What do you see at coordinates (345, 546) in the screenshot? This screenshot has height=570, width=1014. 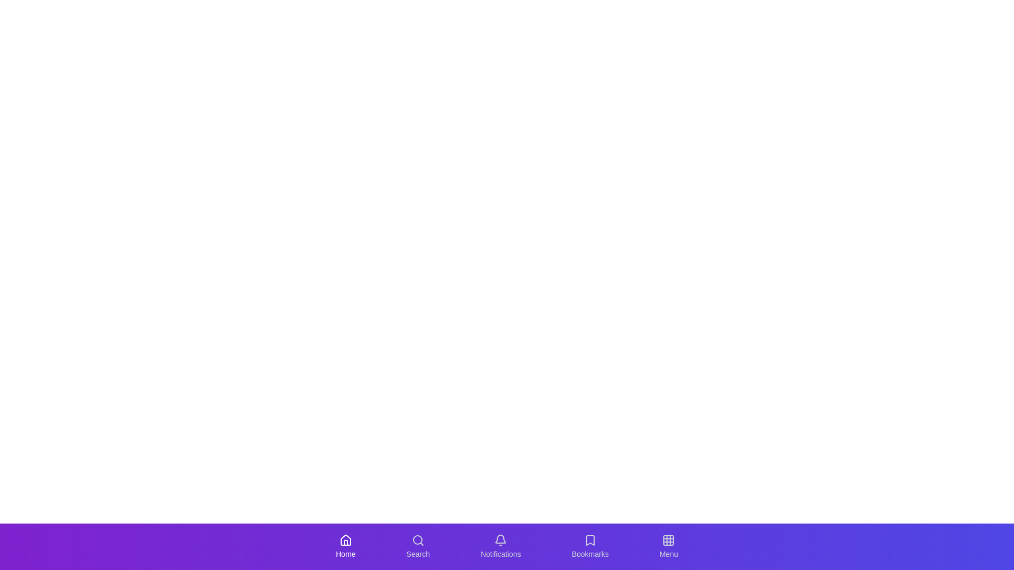 I see `the Home tab in the navigation bar` at bounding box center [345, 546].